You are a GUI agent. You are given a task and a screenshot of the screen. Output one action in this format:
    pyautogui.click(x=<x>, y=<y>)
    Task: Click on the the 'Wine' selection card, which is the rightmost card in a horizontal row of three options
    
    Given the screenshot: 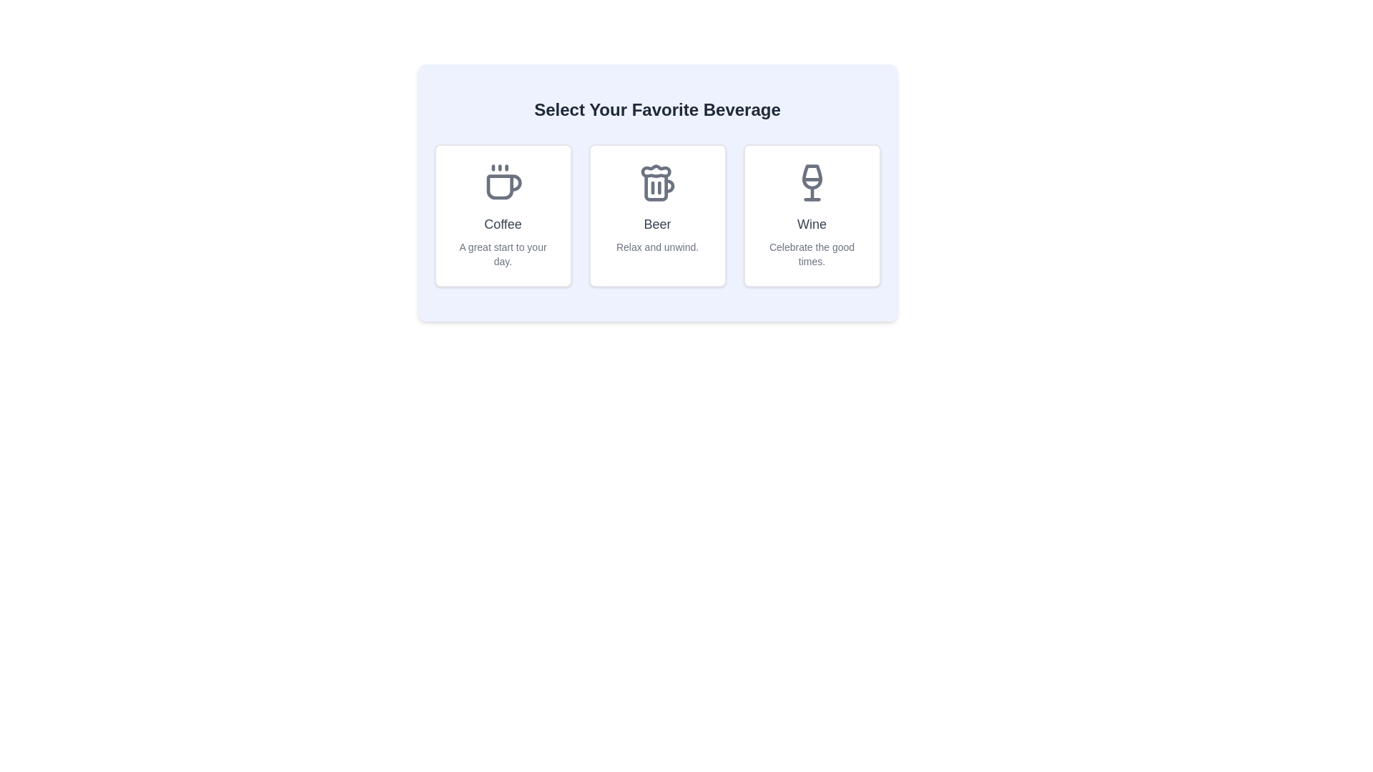 What is the action you would take?
    pyautogui.click(x=812, y=215)
    